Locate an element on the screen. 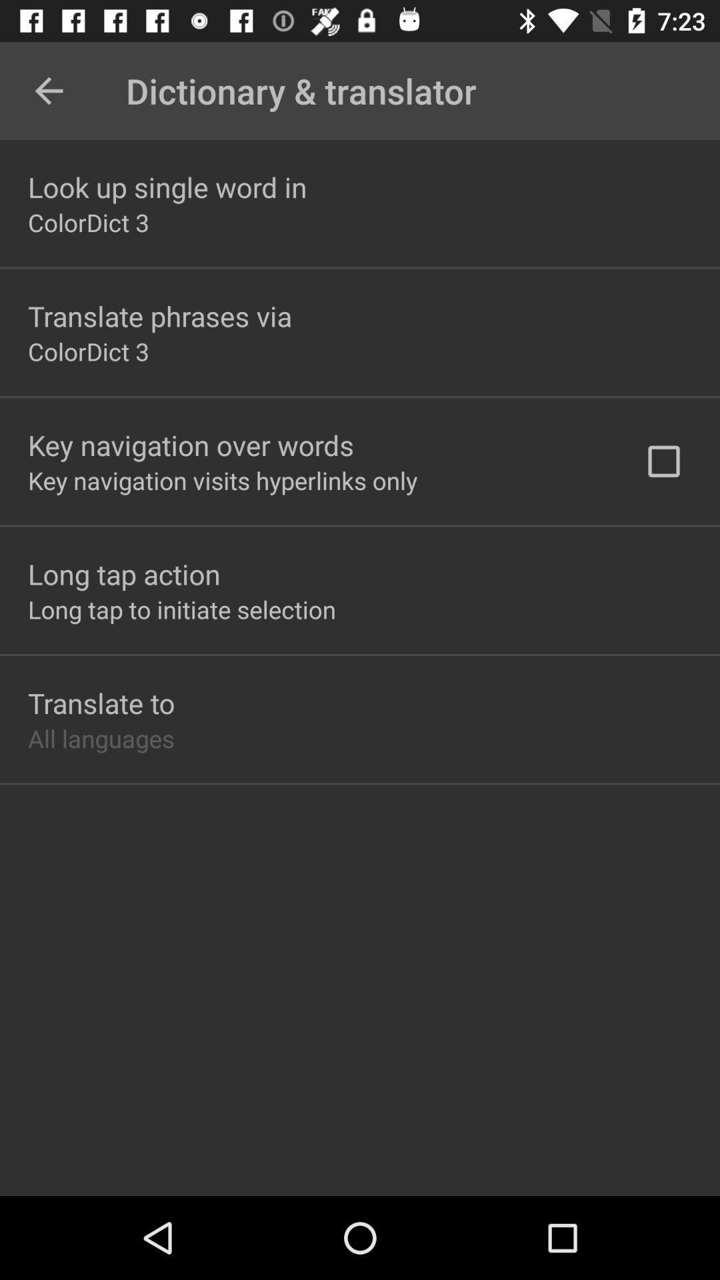 The width and height of the screenshot is (720, 1280). look up single is located at coordinates (167, 186).